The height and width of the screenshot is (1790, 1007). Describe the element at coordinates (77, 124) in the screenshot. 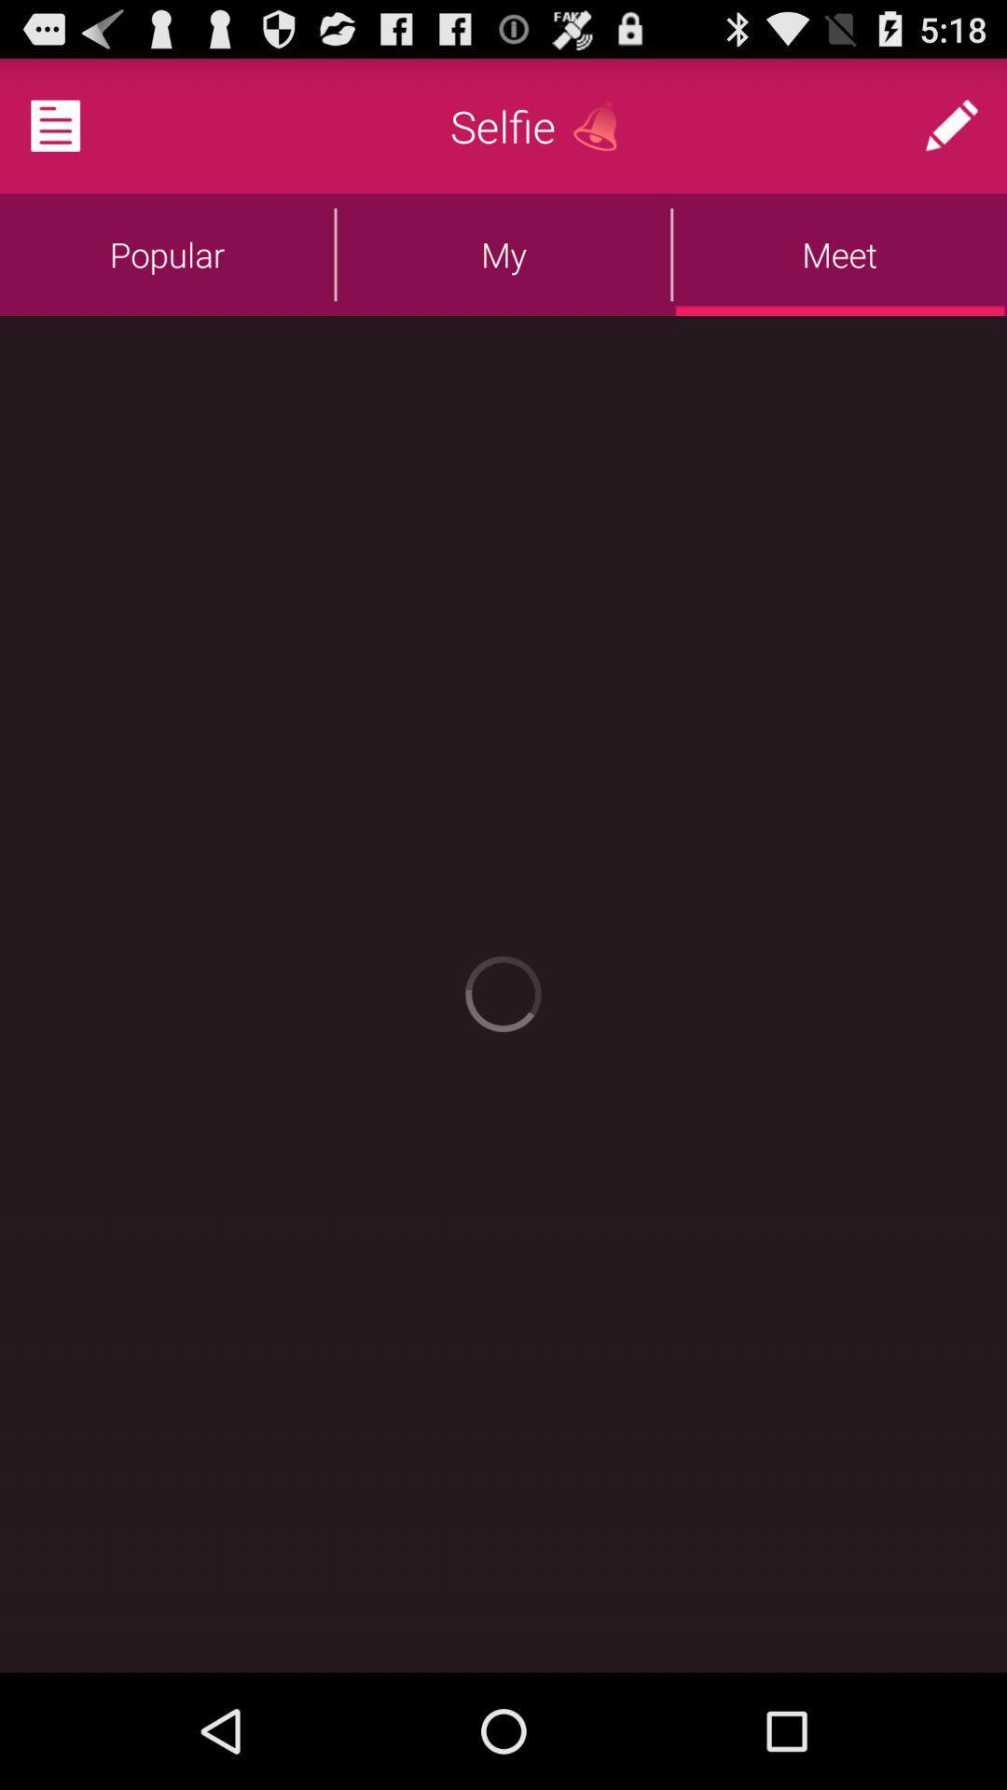

I see `floders option` at that location.